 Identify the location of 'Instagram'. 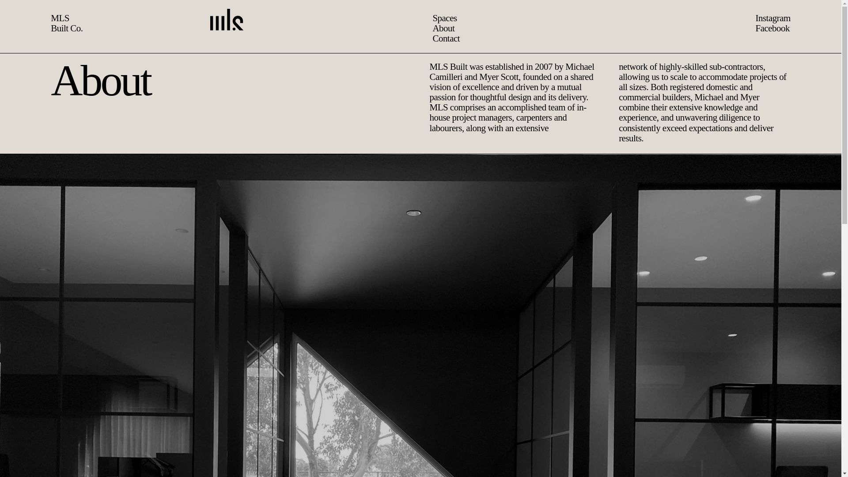
(772, 18).